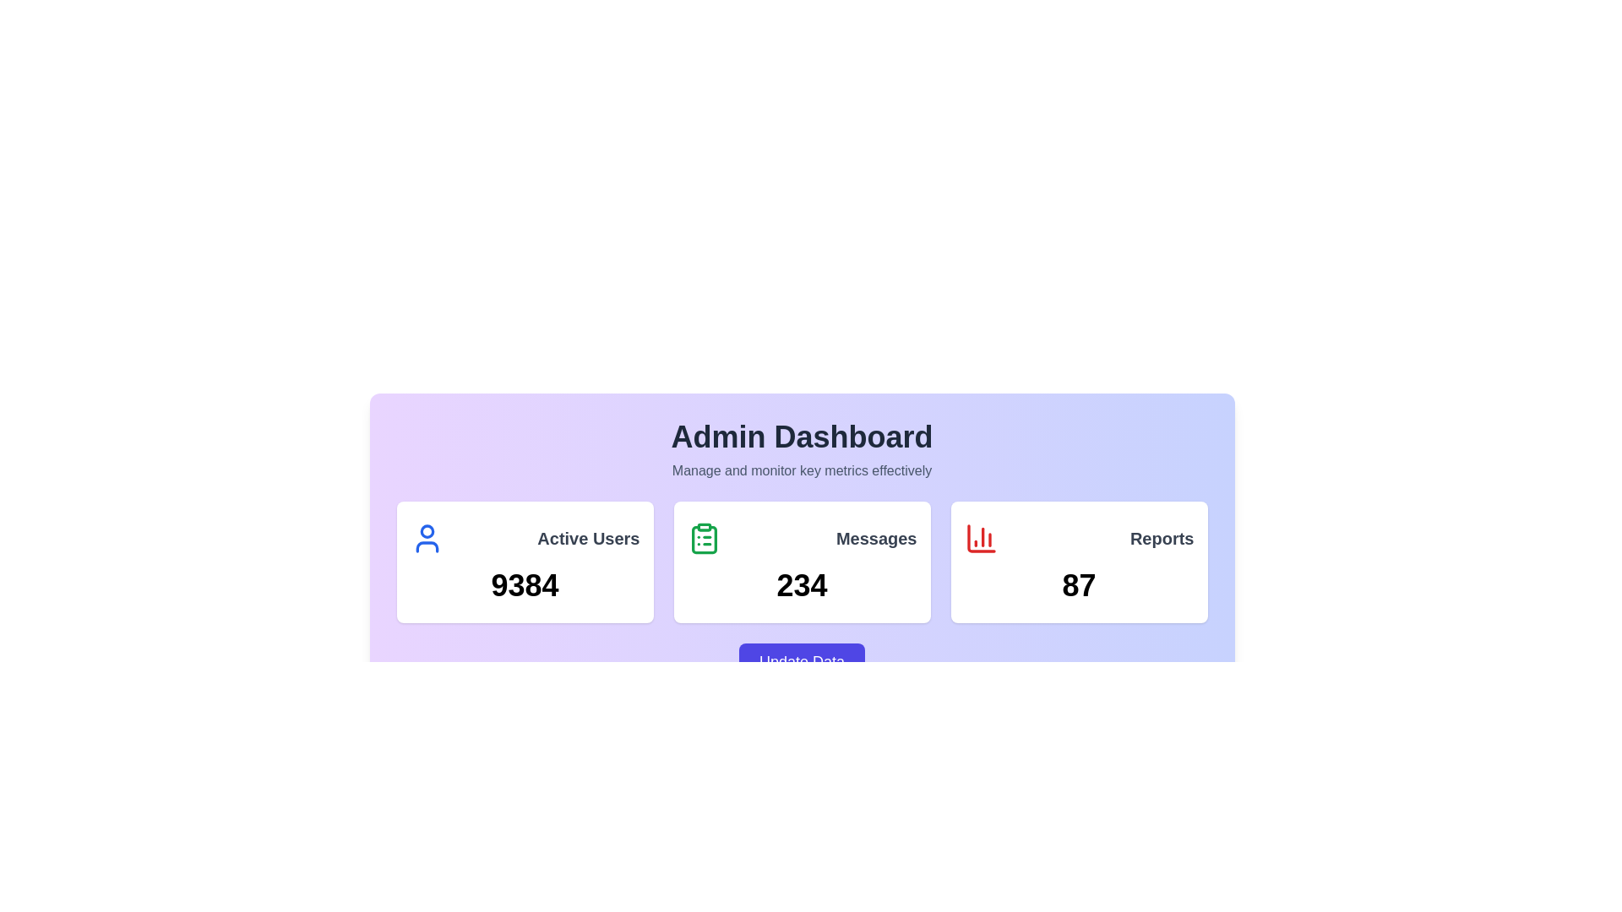 This screenshot has width=1622, height=912. What do you see at coordinates (588, 538) in the screenshot?
I see `text label indicating the count of active users, which is positioned in a card on the left side of the dashboard interface` at bounding box center [588, 538].